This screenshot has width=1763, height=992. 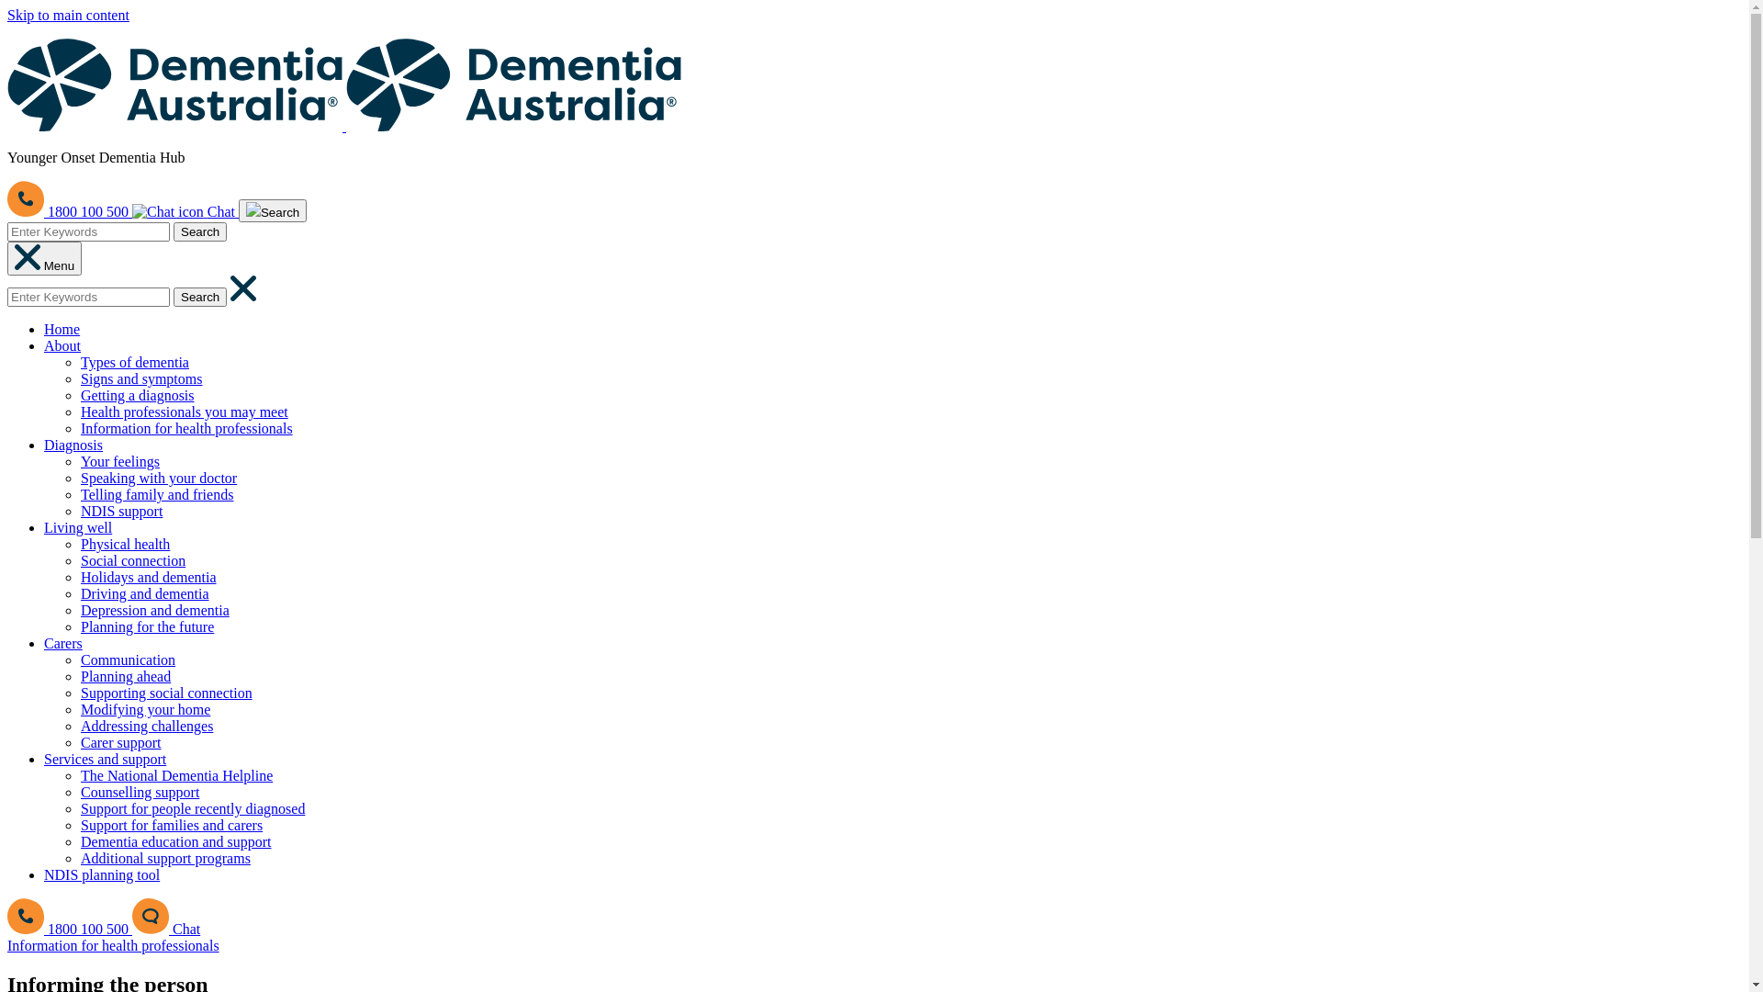 I want to click on 'Additional support programs', so click(x=79, y=858).